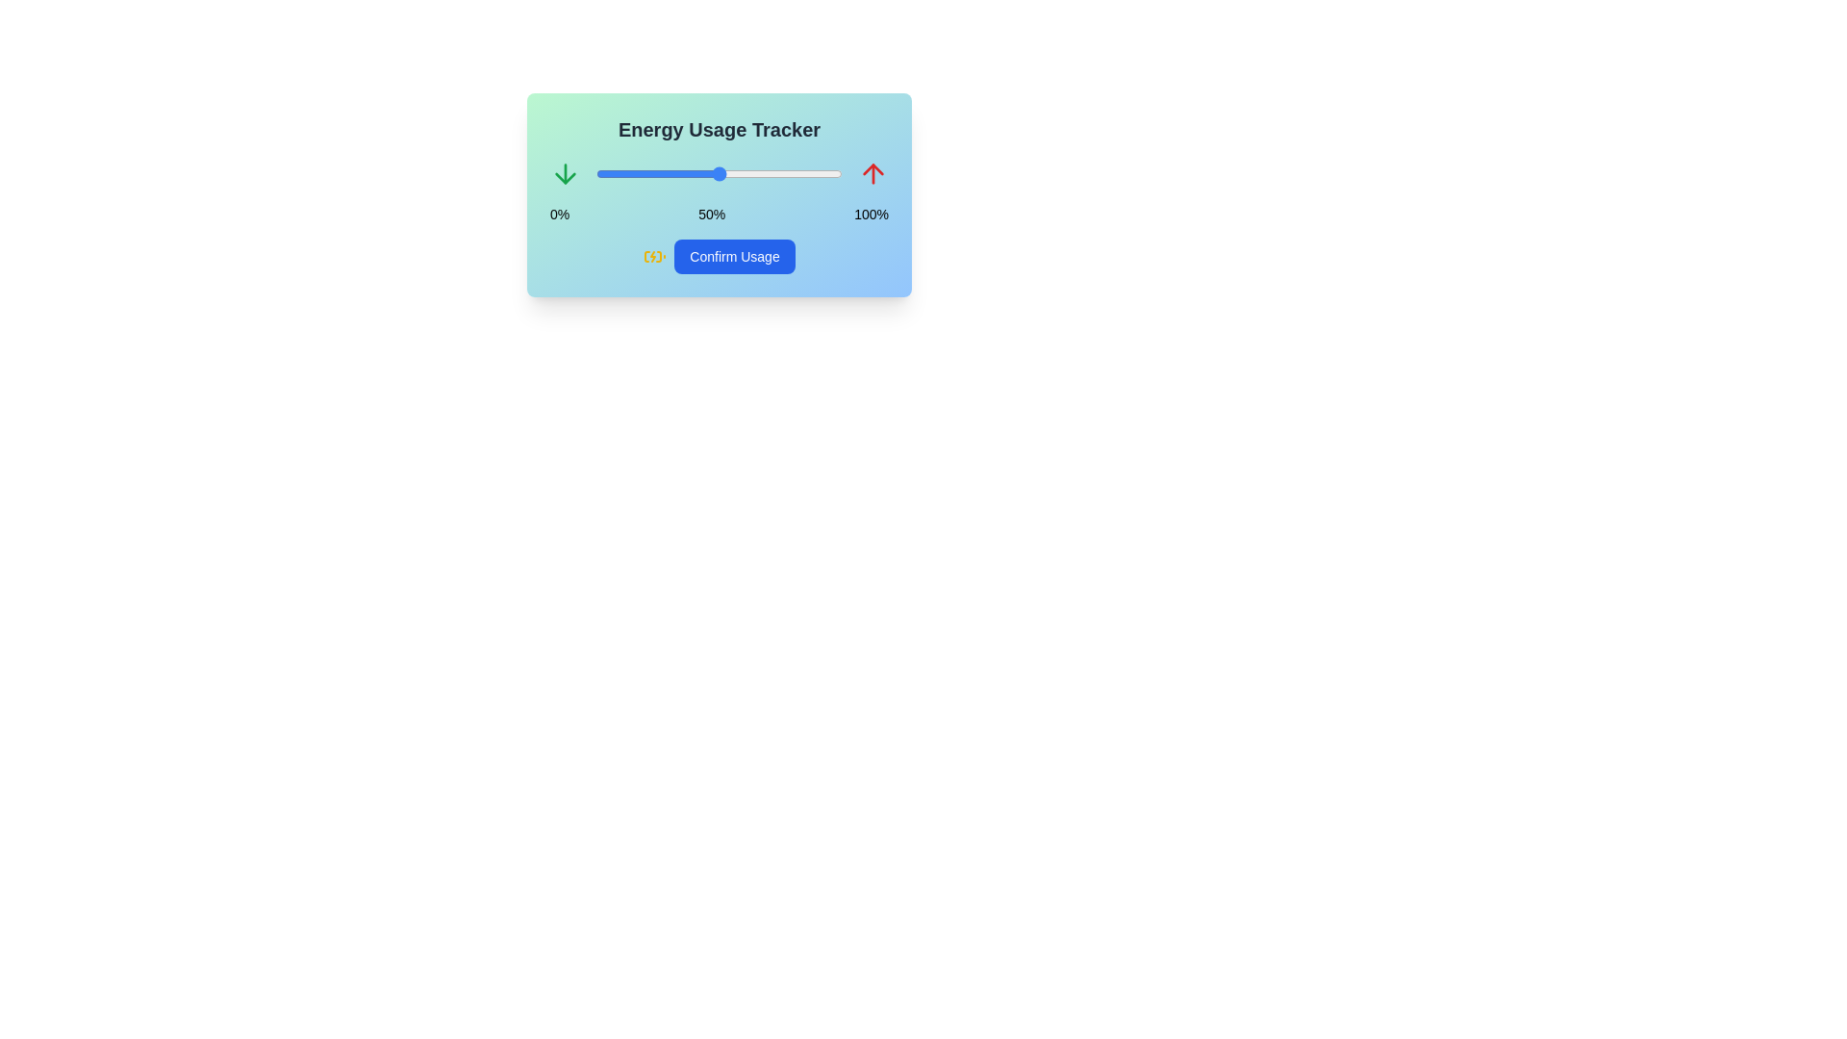 The image size is (1847, 1039). What do you see at coordinates (818, 174) in the screenshot?
I see `the energy usage slider to 90%` at bounding box center [818, 174].